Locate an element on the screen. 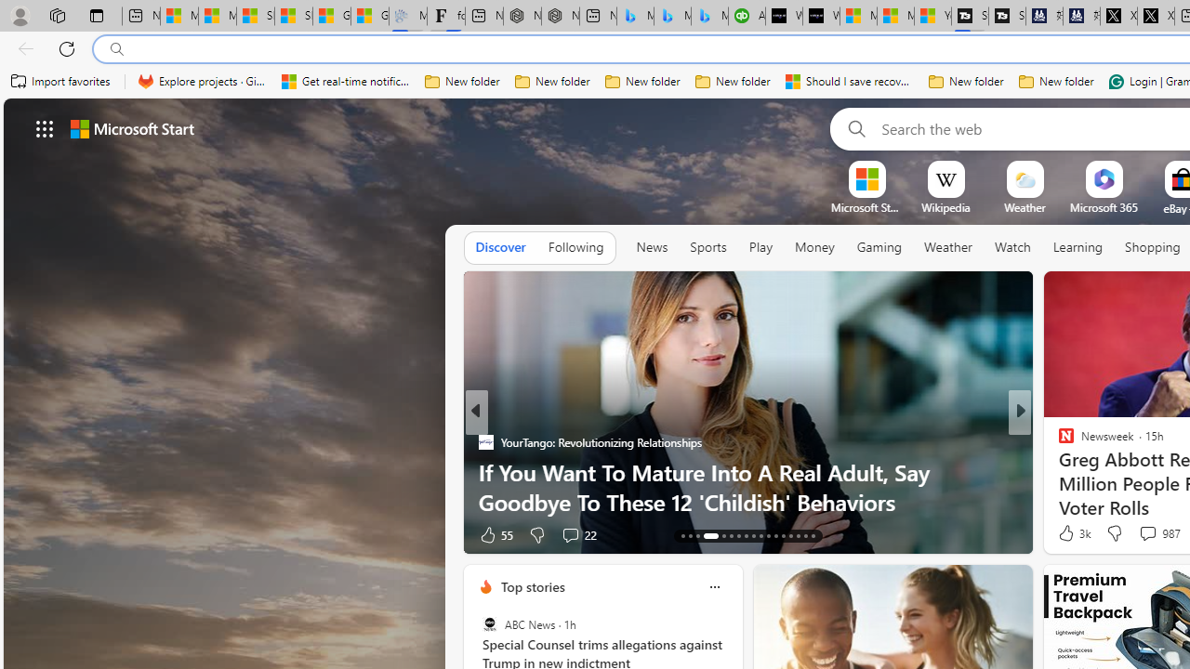 Image resolution: width=1190 pixels, height=669 pixels. 'AutomationID: tab-23' is located at coordinates (768, 536).